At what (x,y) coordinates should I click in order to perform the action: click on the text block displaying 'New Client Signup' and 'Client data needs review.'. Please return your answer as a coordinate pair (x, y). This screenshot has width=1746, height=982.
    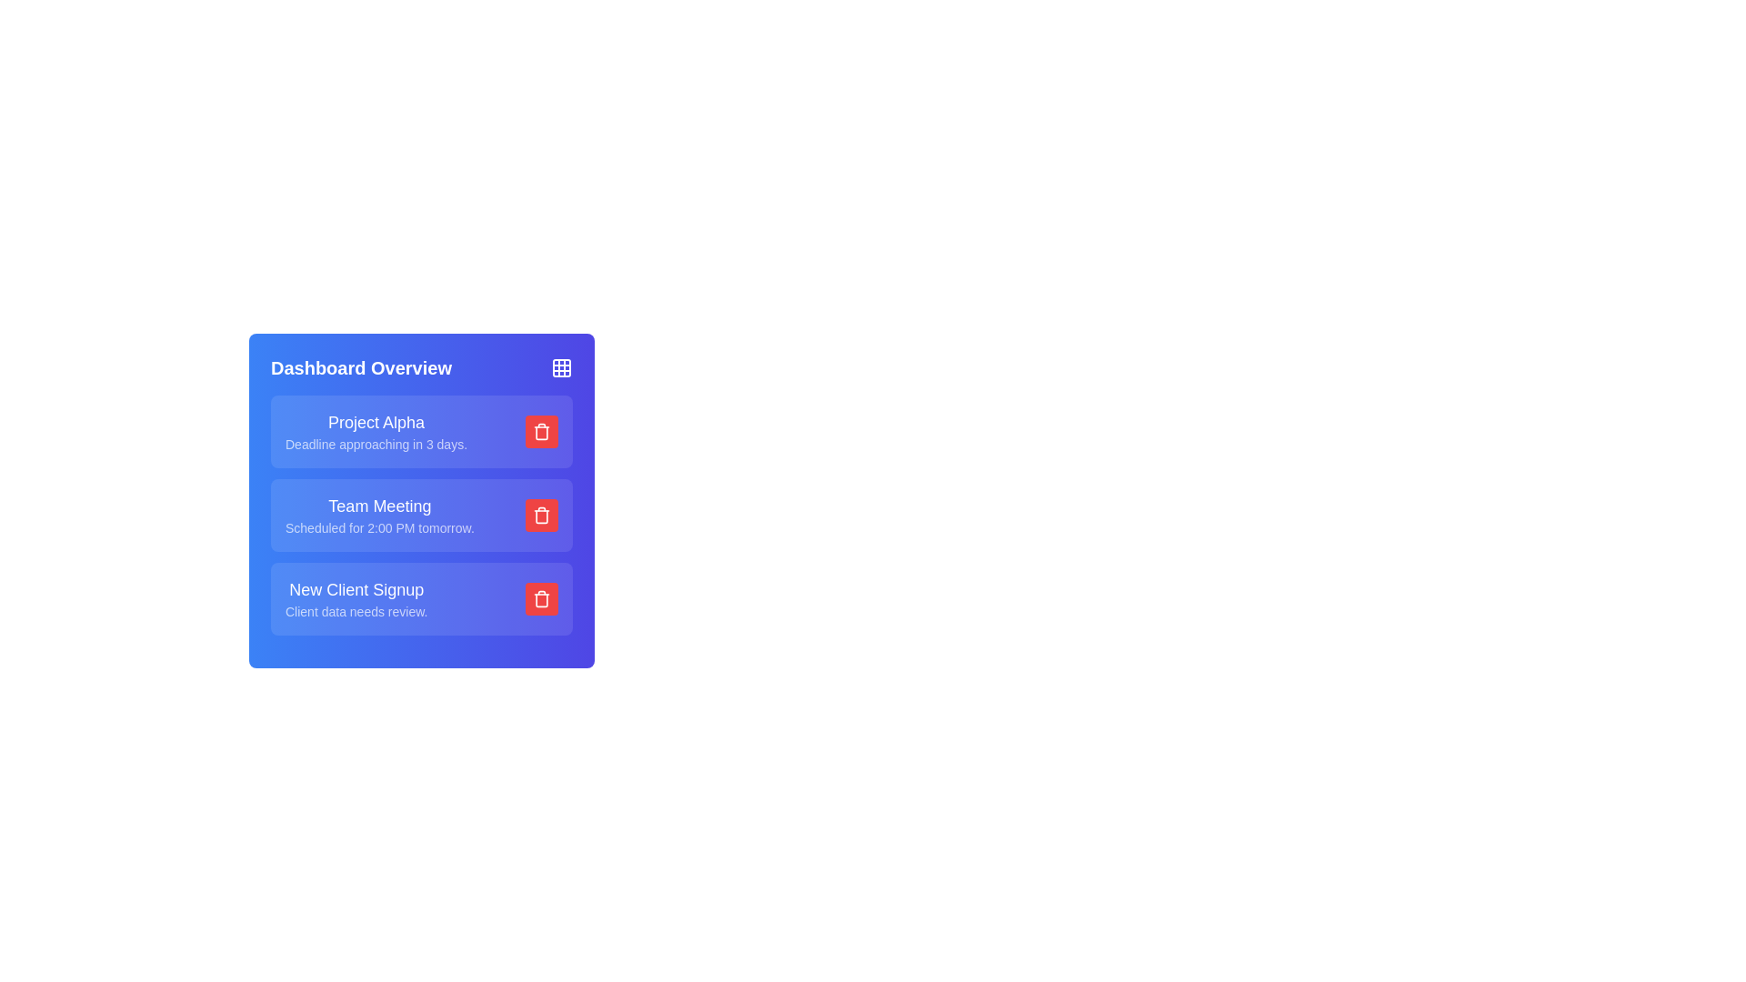
    Looking at the image, I should click on (356, 599).